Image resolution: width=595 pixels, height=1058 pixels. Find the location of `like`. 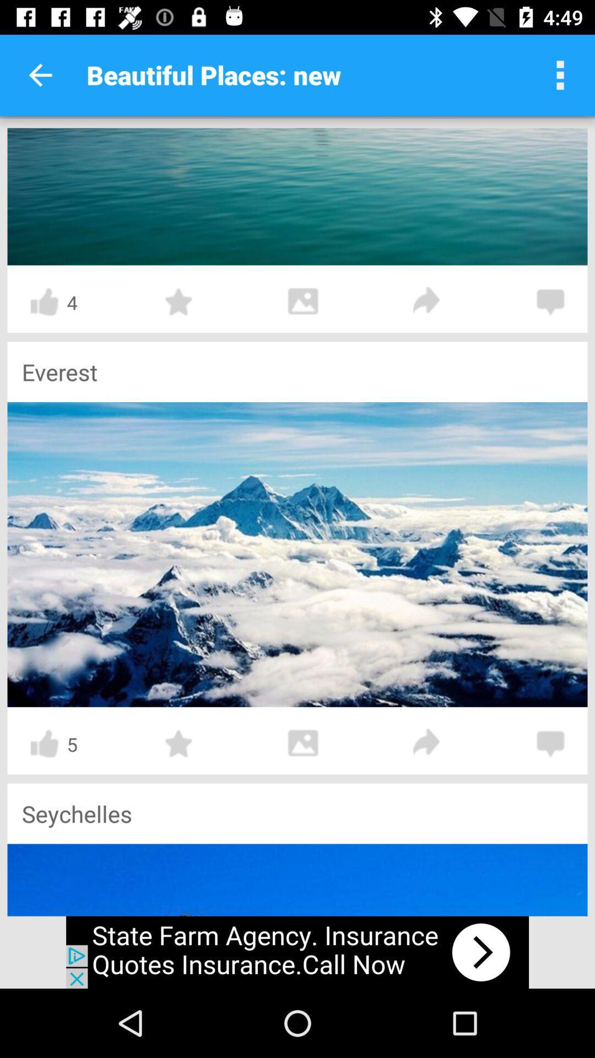

like is located at coordinates (44, 743).